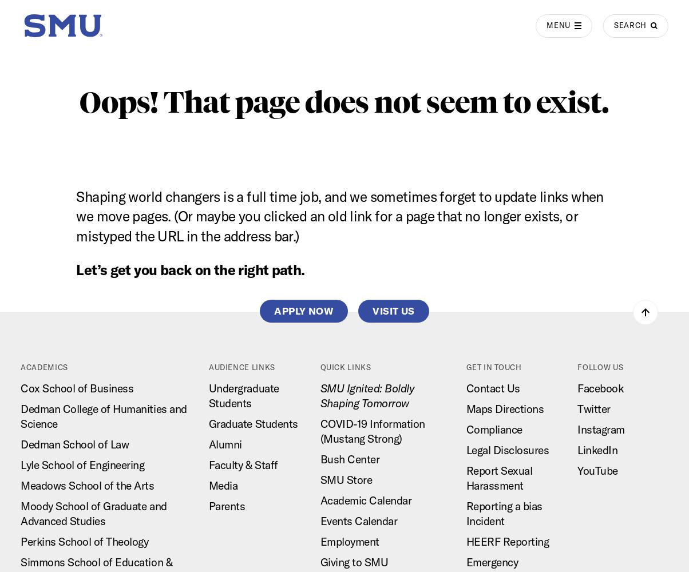  What do you see at coordinates (504, 513) in the screenshot?
I see `'Reporting a bias Incident'` at bounding box center [504, 513].